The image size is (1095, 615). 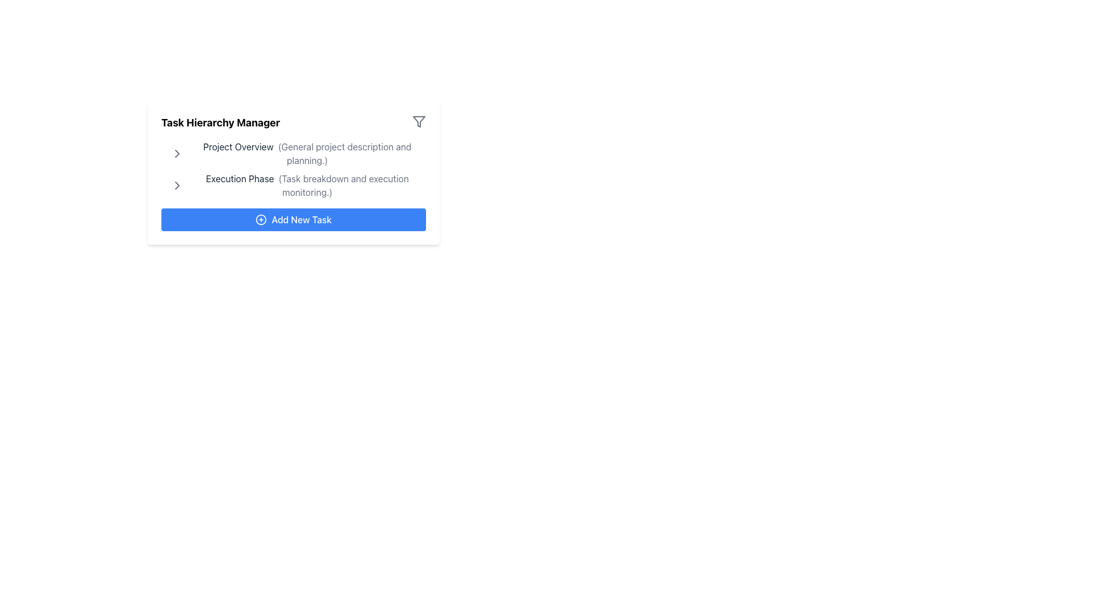 I want to click on Circular SVG shape located to the left of the 'Add New Task' button in the task hierarchy manager section, so click(x=261, y=219).